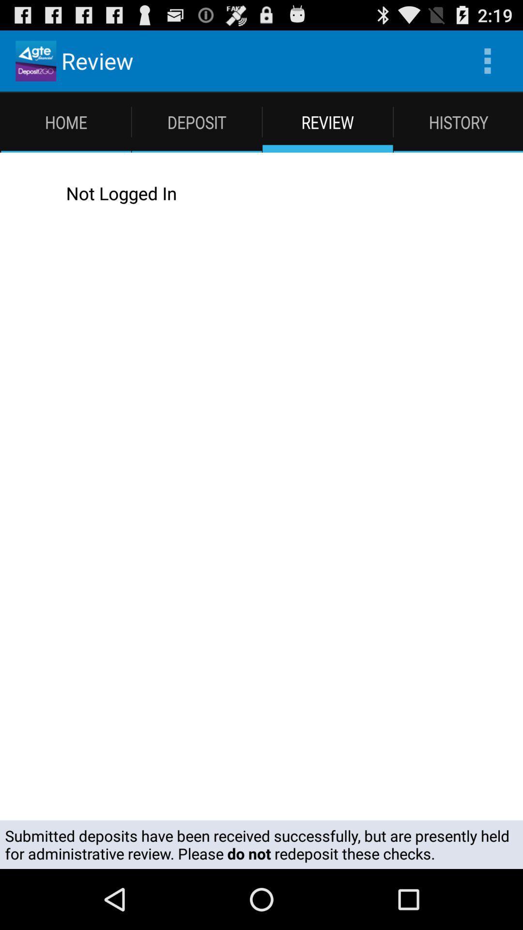 Image resolution: width=523 pixels, height=930 pixels. What do you see at coordinates (26, 193) in the screenshot?
I see `icon below the home` at bounding box center [26, 193].